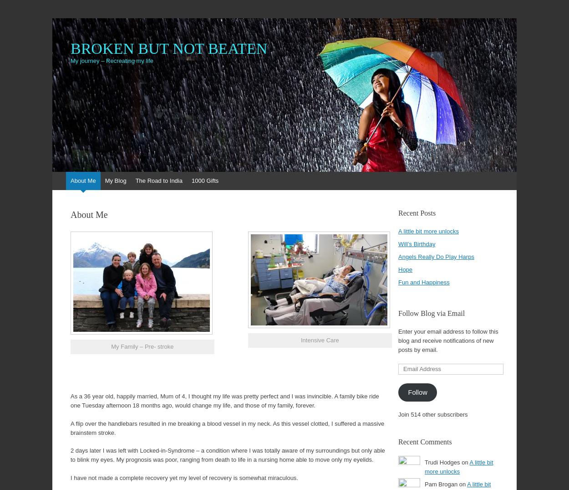  Describe the element at coordinates (71, 454) in the screenshot. I see `'2 days later I was left with Locked-in-Syndrome – a condition where I was totally aware of my surroundings but only able to blink my eyes. My prognosis was poor, ranging from death to life in a nursing home able to move only my eyelids.'` at that location.